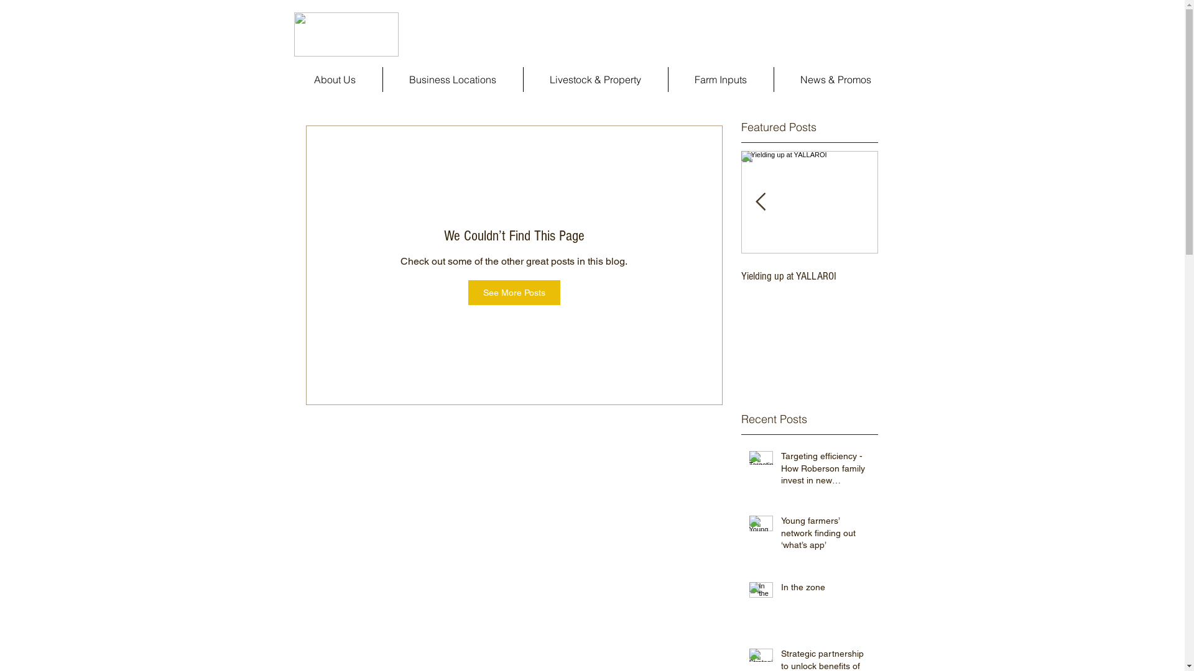 This screenshot has height=671, width=1194. Describe the element at coordinates (452, 79) in the screenshot. I see `'Business Locations'` at that location.